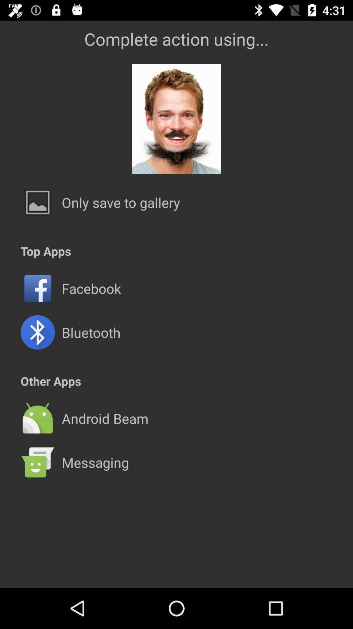  I want to click on other apps item, so click(50, 381).